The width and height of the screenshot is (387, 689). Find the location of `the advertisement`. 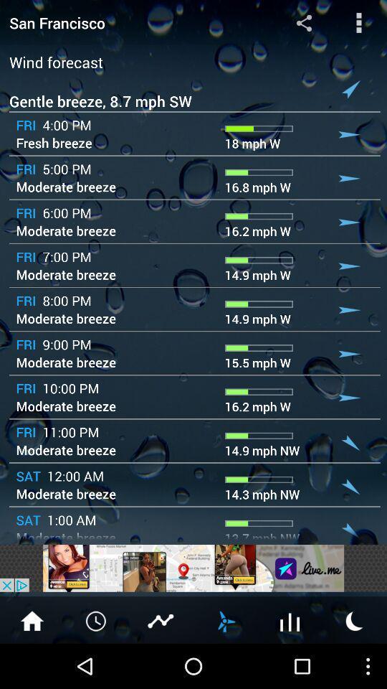

the advertisement is located at coordinates (193, 568).